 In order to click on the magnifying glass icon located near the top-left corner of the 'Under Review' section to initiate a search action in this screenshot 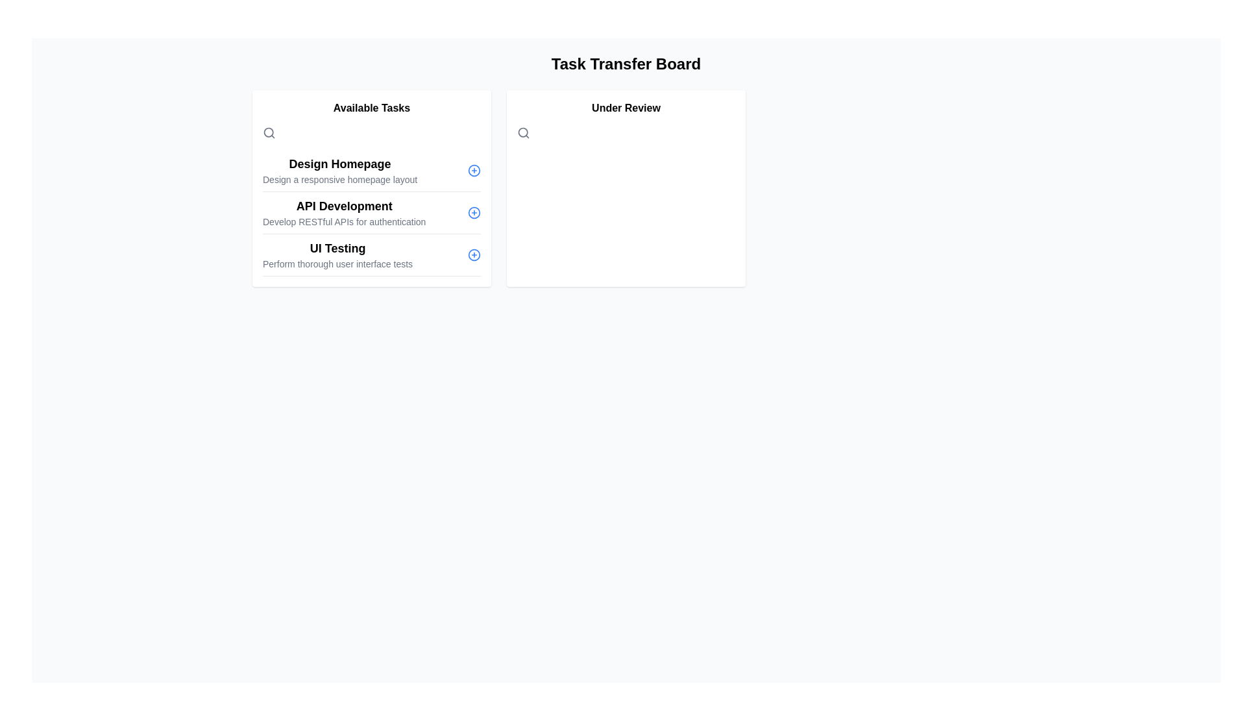, I will do `click(523, 132)`.